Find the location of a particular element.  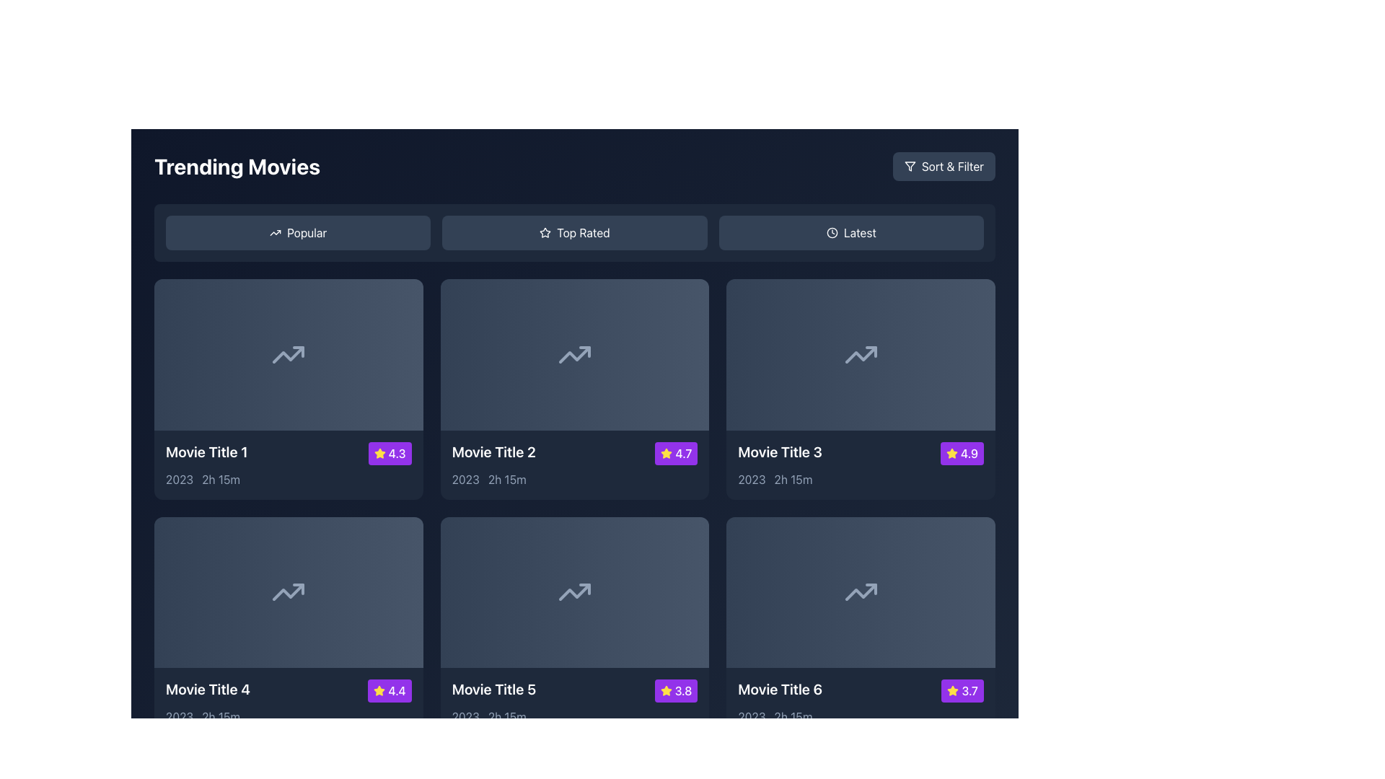

the 'Latest' button icon located in the top-right area of the interface, which symbolizes recency or the newest content is located at coordinates (832, 232).